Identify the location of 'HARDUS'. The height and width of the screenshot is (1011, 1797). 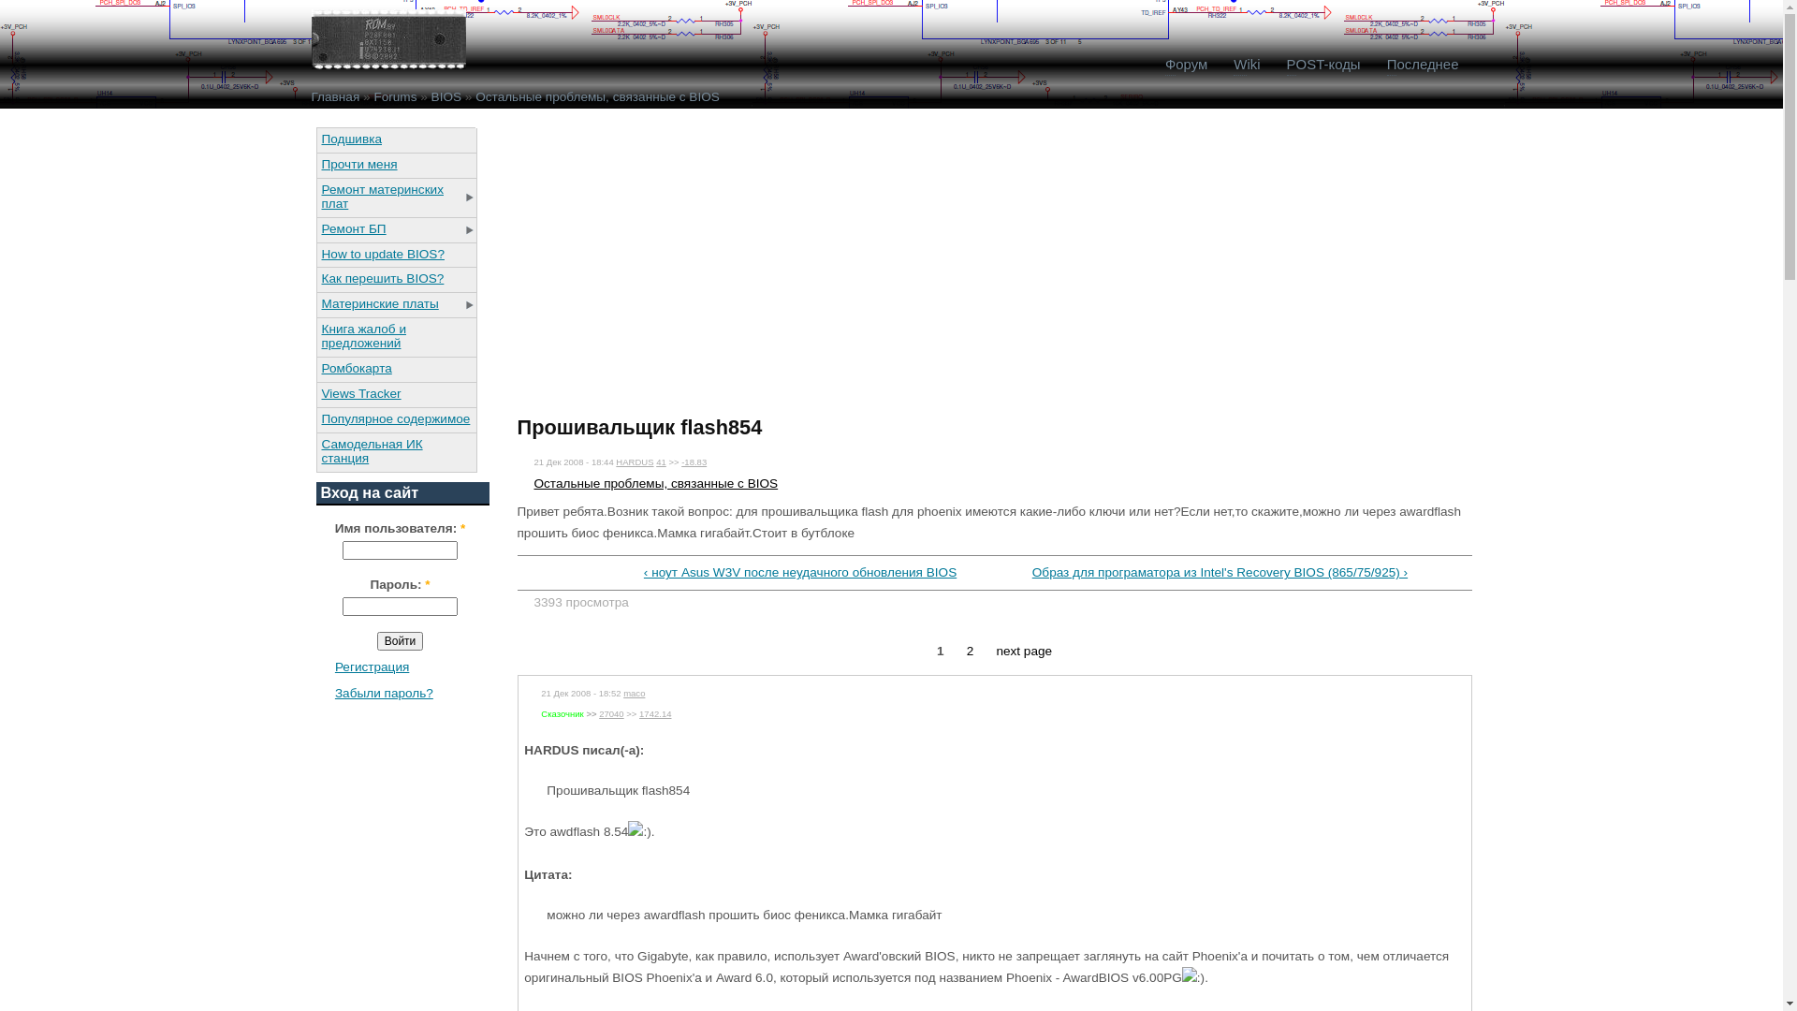
(634, 462).